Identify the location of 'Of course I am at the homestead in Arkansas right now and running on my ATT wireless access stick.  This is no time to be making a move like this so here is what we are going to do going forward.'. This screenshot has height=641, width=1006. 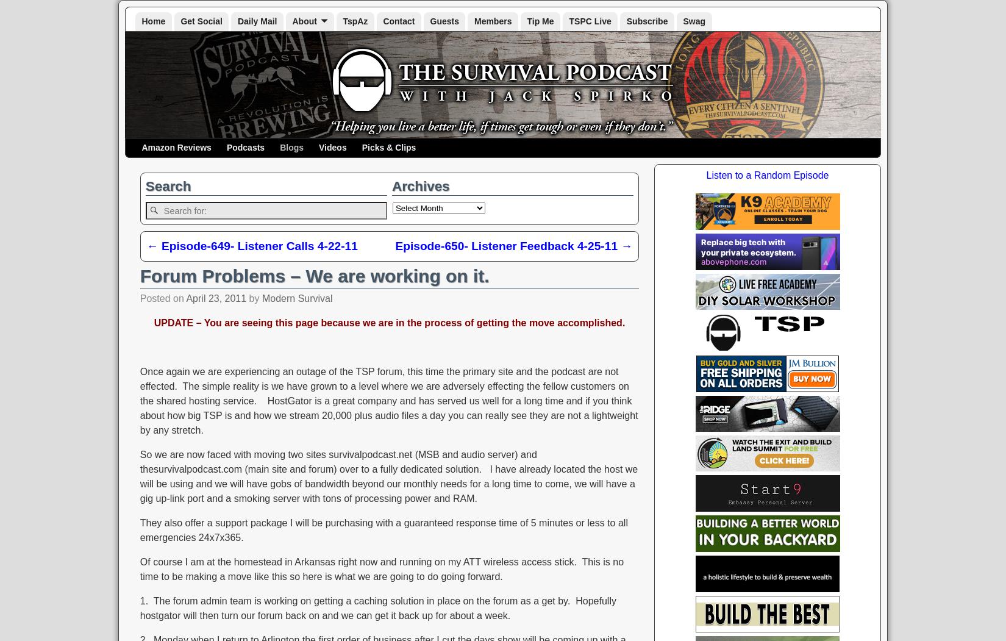
(140, 568).